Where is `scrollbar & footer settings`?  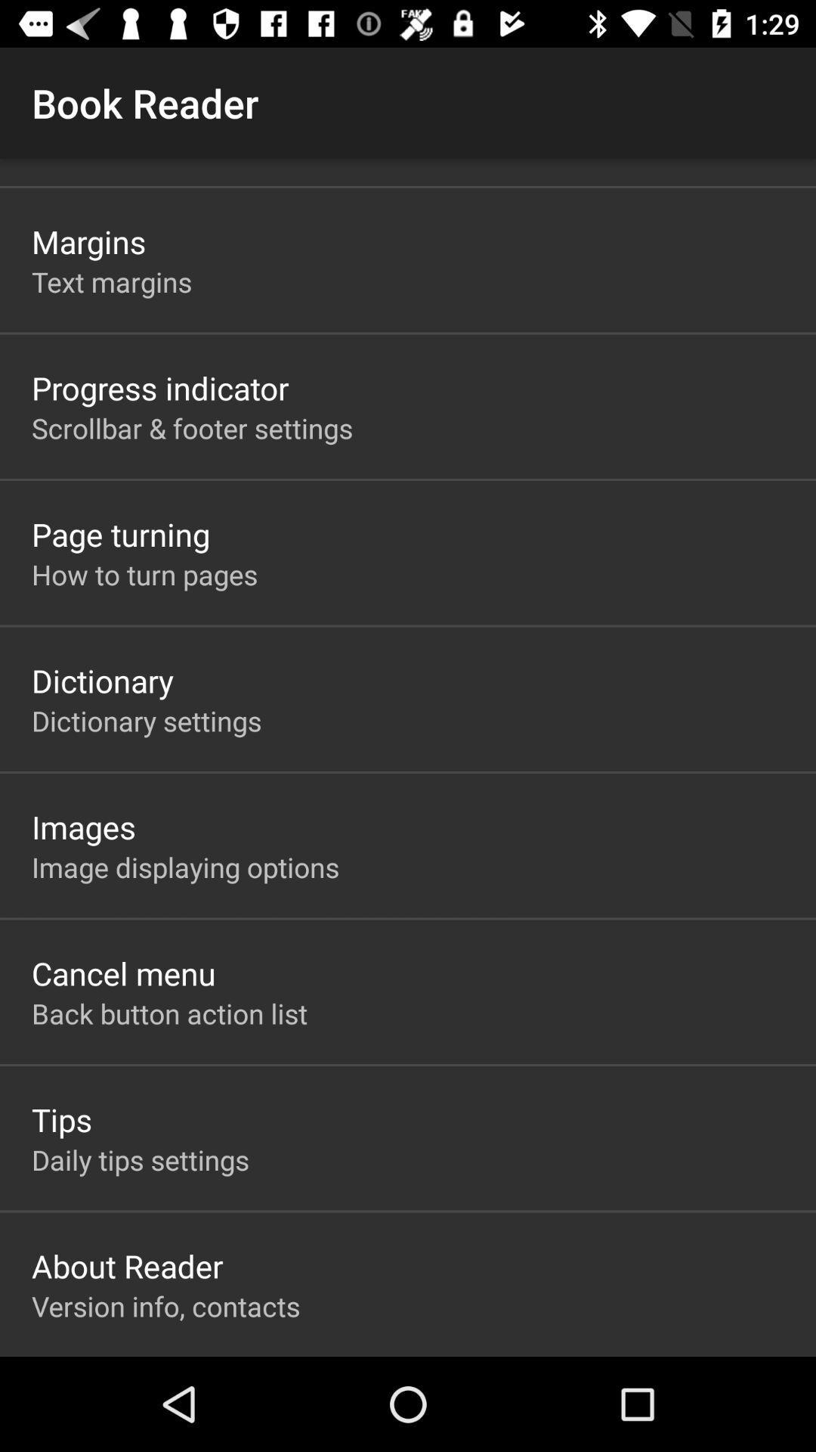
scrollbar & footer settings is located at coordinates (191, 427).